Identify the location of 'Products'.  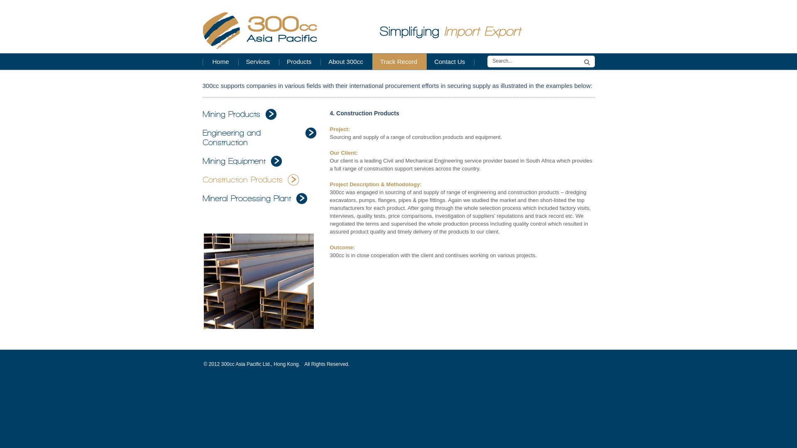
(299, 61).